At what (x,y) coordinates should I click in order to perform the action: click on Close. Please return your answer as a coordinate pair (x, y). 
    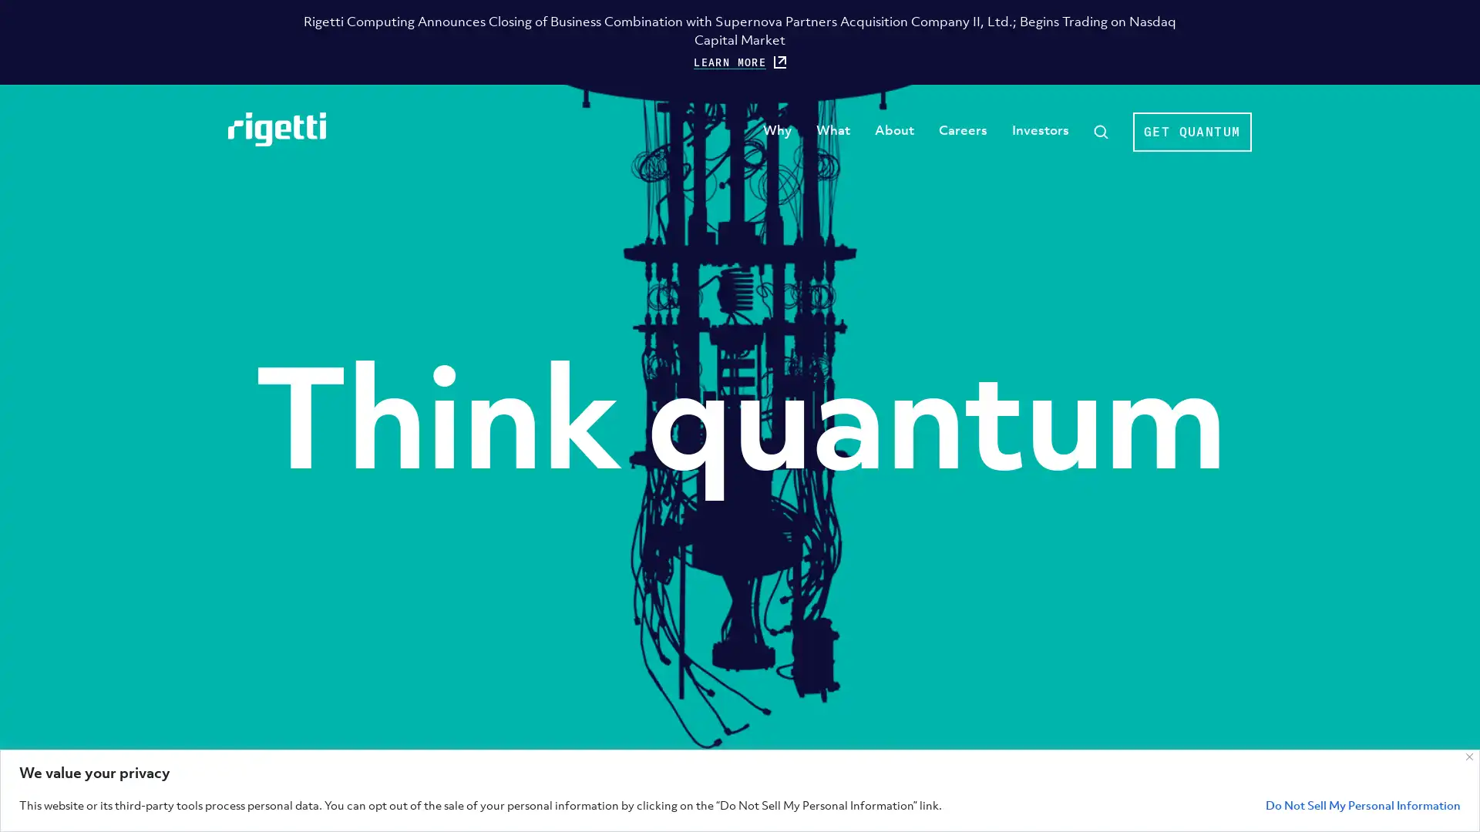
    Looking at the image, I should click on (1468, 756).